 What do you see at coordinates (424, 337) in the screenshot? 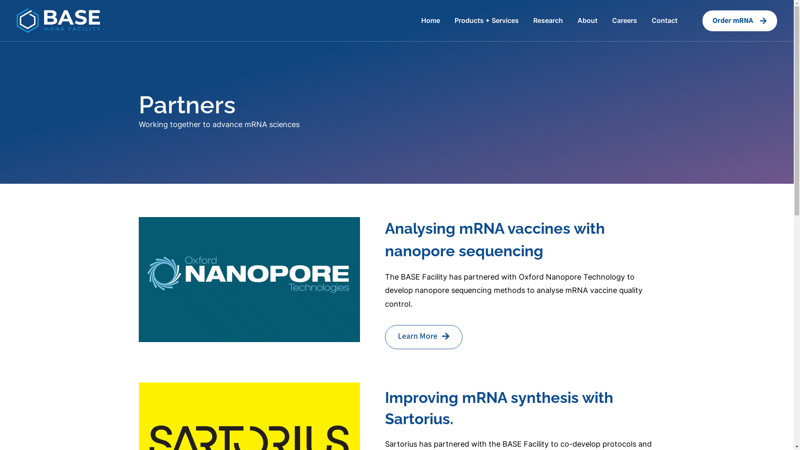
I see `'Learn More'` at bounding box center [424, 337].